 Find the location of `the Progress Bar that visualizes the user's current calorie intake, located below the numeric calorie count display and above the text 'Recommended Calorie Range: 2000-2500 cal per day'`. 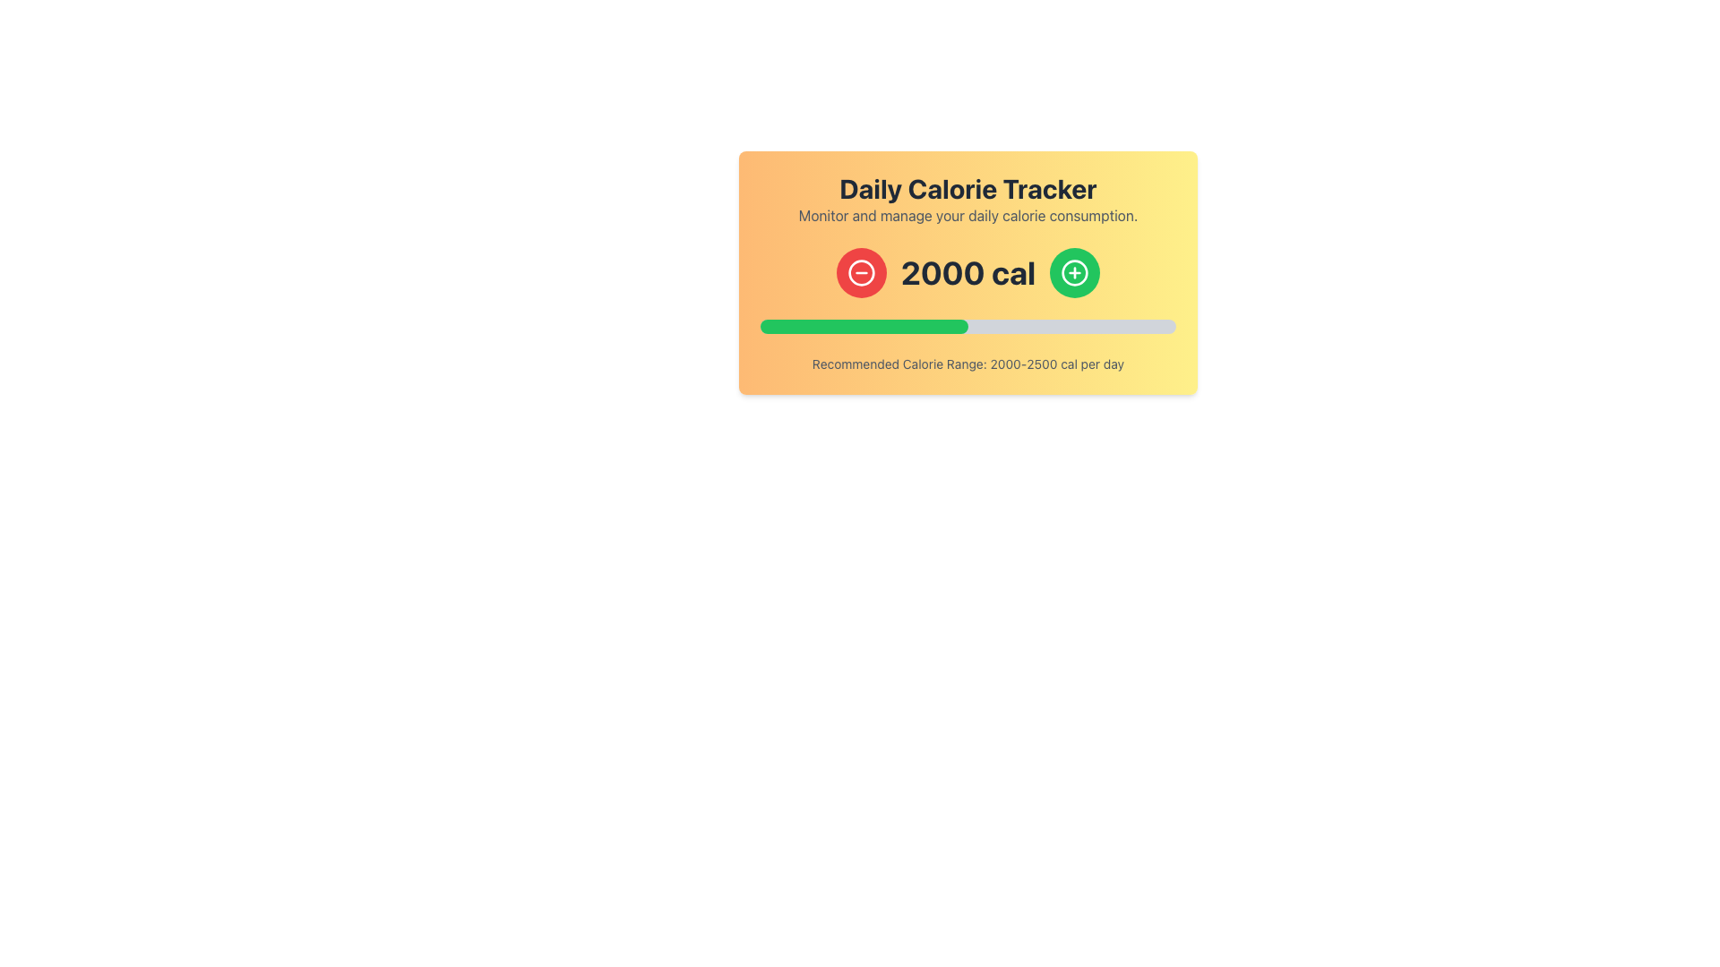

the Progress Bar that visualizes the user's current calorie intake, located below the numeric calorie count display and above the text 'Recommended Calorie Range: 2000-2500 cal per day' is located at coordinates (967, 327).